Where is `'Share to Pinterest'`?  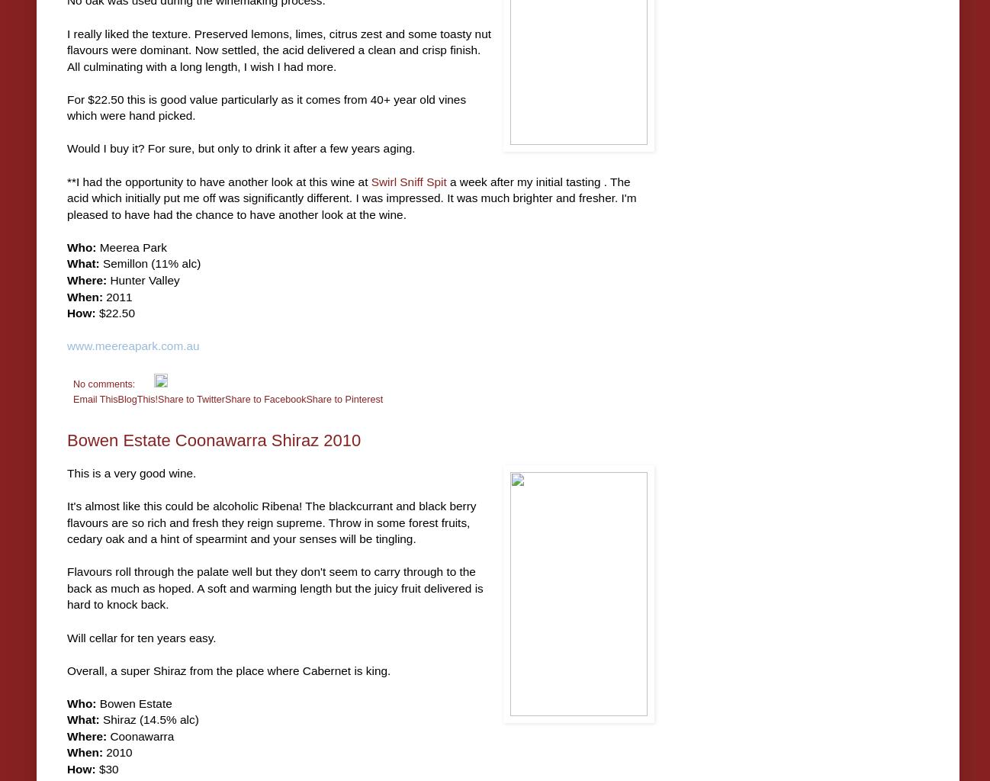 'Share to Pinterest' is located at coordinates (343, 398).